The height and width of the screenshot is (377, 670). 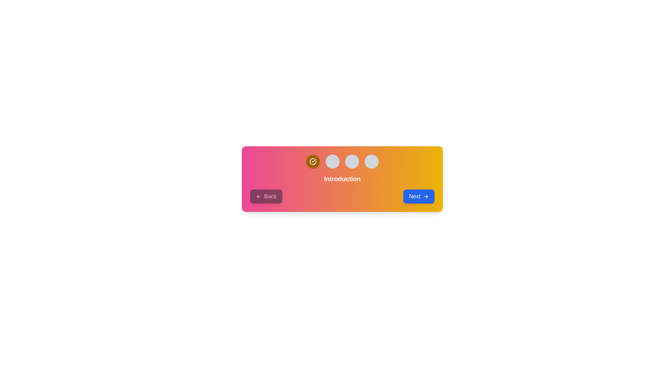 I want to click on the 'Next' button to navigate to the next step, so click(x=419, y=197).